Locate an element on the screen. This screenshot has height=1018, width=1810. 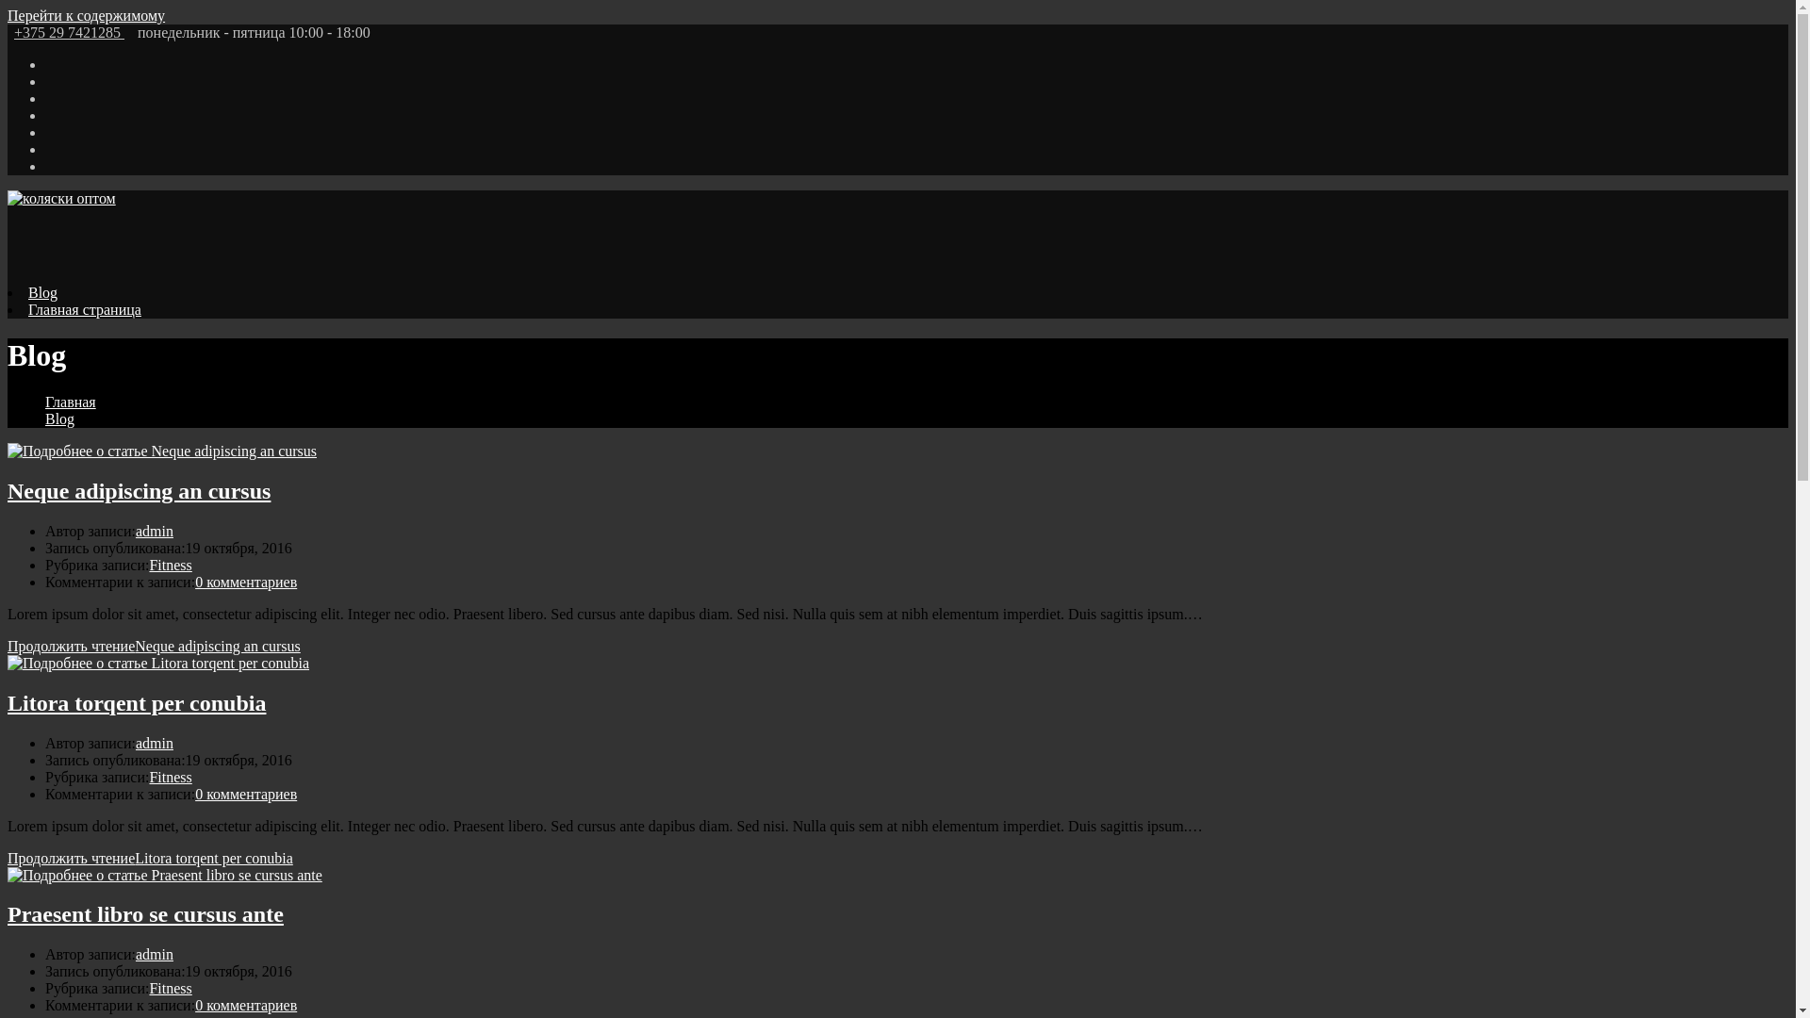
'Blog' is located at coordinates (27, 292).